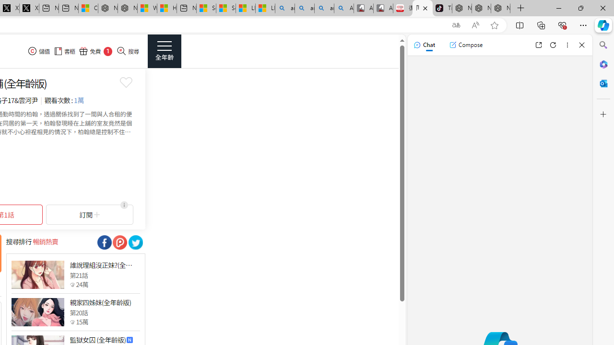 This screenshot has width=614, height=345. Describe the element at coordinates (466, 45) in the screenshot. I see `'Compose'` at that location.